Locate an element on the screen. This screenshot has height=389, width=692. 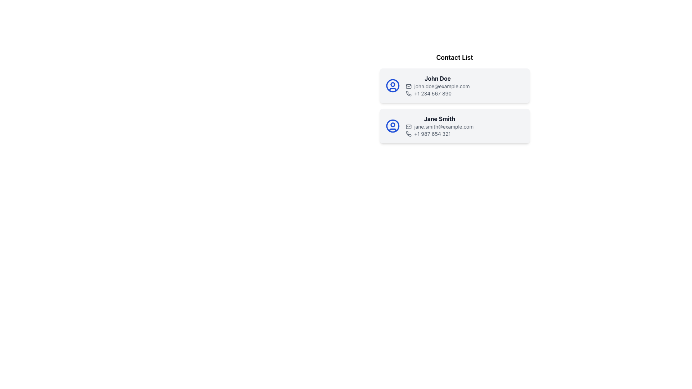
the Information Block displaying contact details for 'Jane Smith' is located at coordinates (439, 126).